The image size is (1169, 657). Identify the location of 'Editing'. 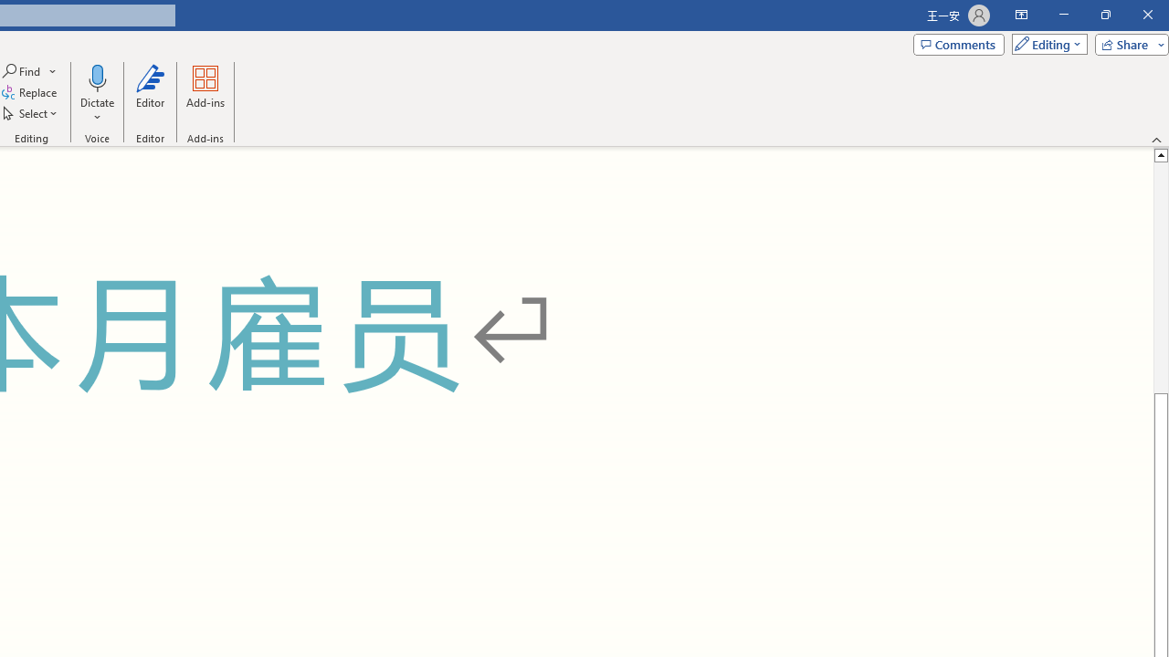
(1045, 43).